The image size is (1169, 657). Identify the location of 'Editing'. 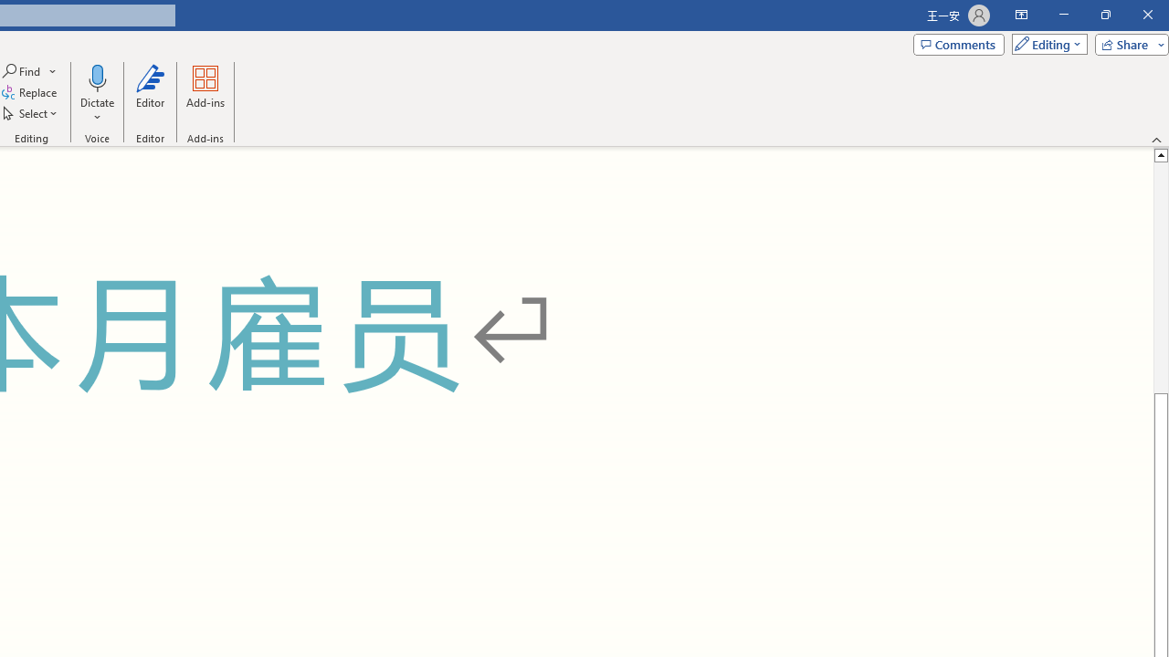
(1045, 43).